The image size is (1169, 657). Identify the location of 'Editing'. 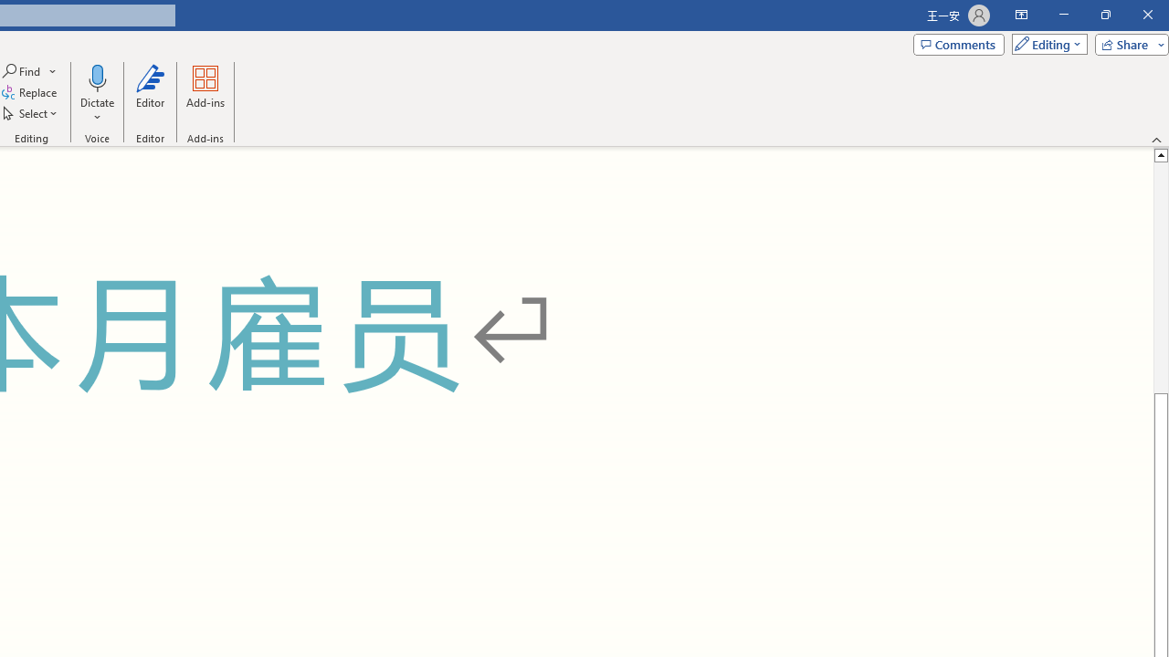
(1045, 43).